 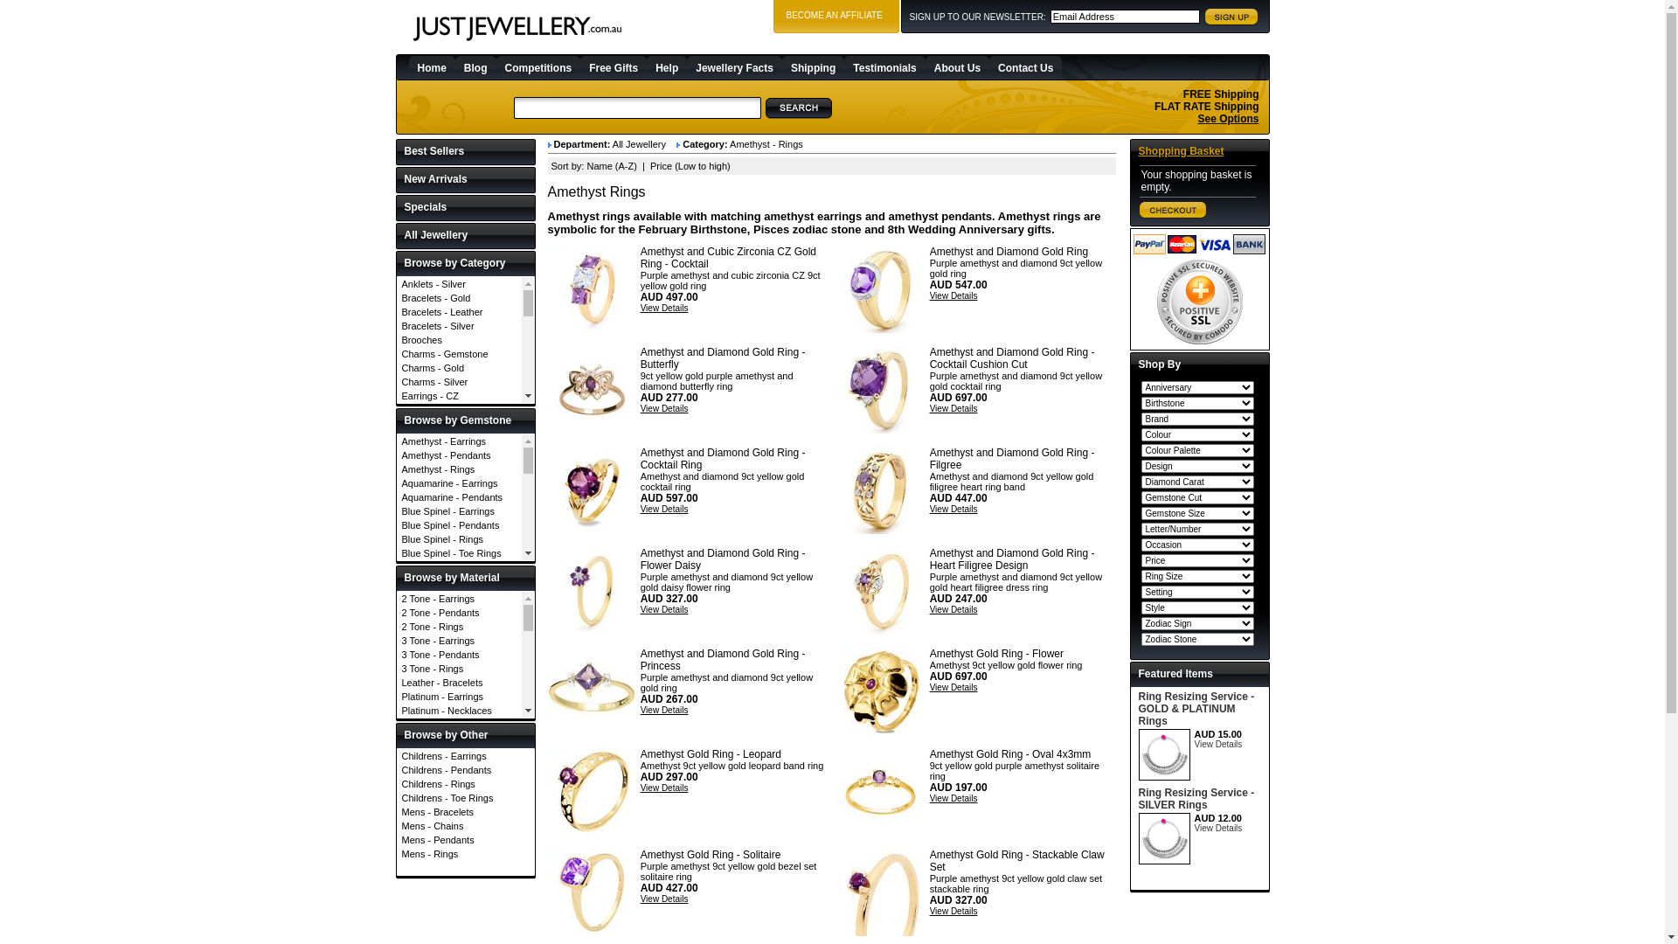 I want to click on 'Blue Spinel - Rings', so click(x=459, y=538).